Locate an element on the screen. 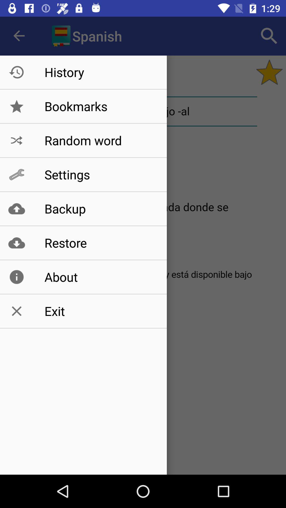 This screenshot has width=286, height=508. the star icon is located at coordinates (269, 72).